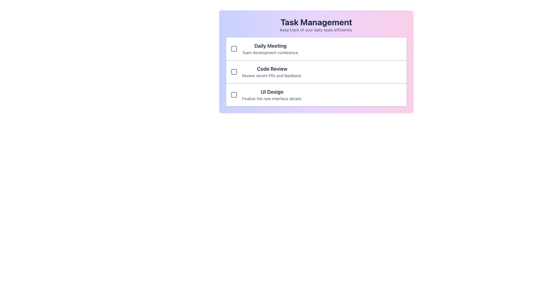 The height and width of the screenshot is (303, 539). Describe the element at coordinates (270, 46) in the screenshot. I see `the text label 'Daily Meeting', which serves as the title for the task` at that location.